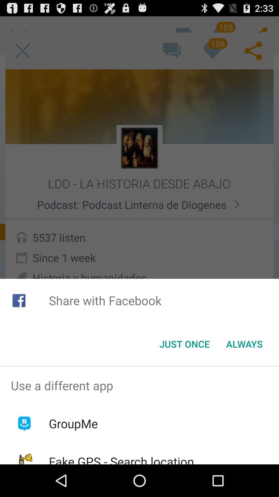  What do you see at coordinates (73, 423) in the screenshot?
I see `item below the use a different icon` at bounding box center [73, 423].